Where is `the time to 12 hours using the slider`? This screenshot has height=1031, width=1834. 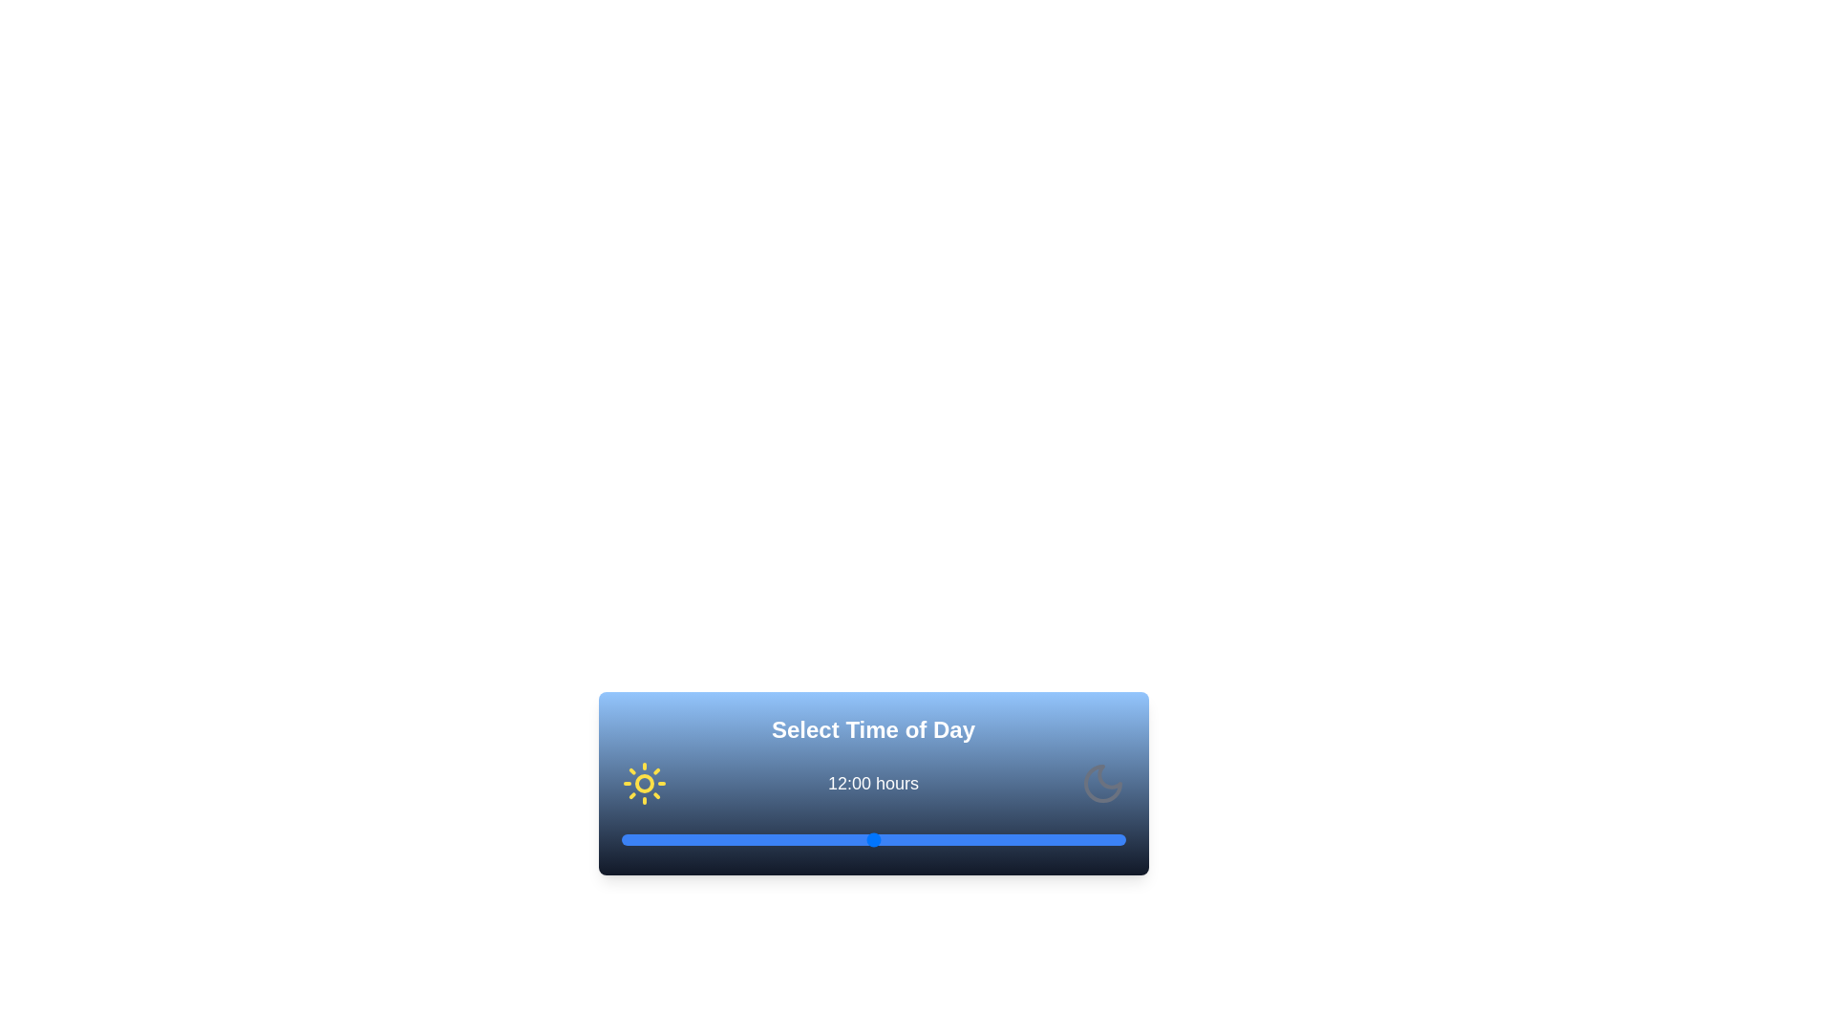 the time to 12 hours using the slider is located at coordinates (872, 838).